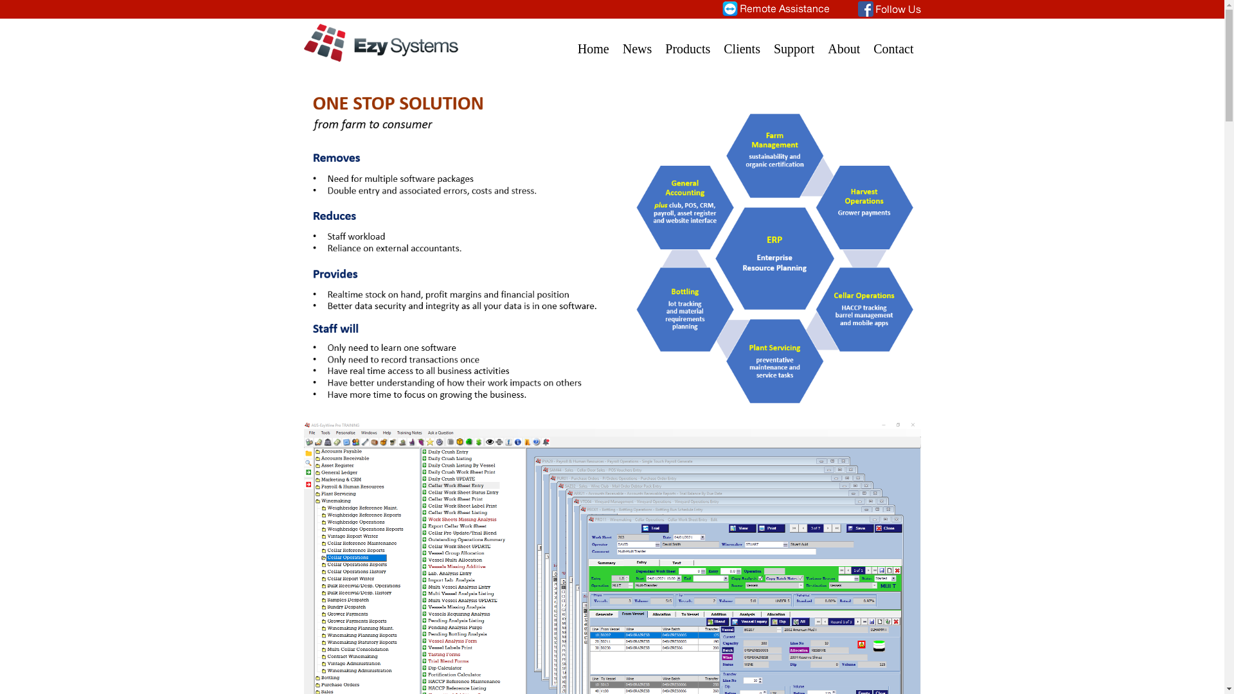  What do you see at coordinates (793, 40) in the screenshot?
I see `'Support'` at bounding box center [793, 40].